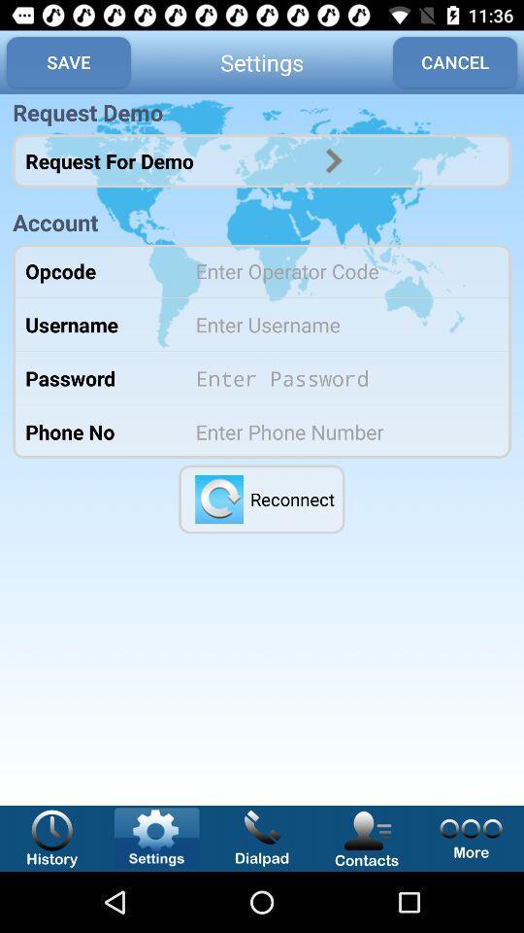  I want to click on text option, so click(340, 325).